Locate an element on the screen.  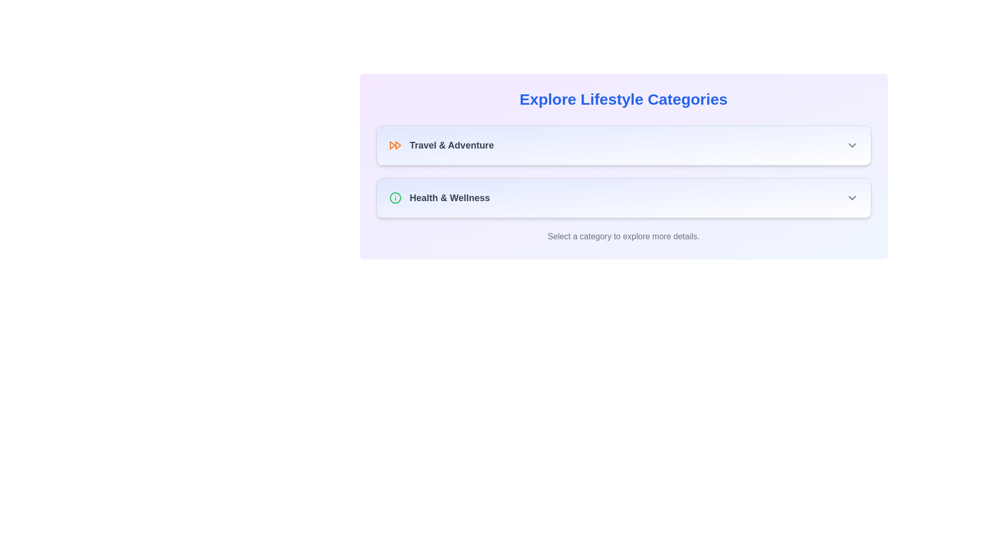
the orange forward-pointing triangle decorative icon located on the left side of the 'Travel & Adventure' list item is located at coordinates (392, 145).